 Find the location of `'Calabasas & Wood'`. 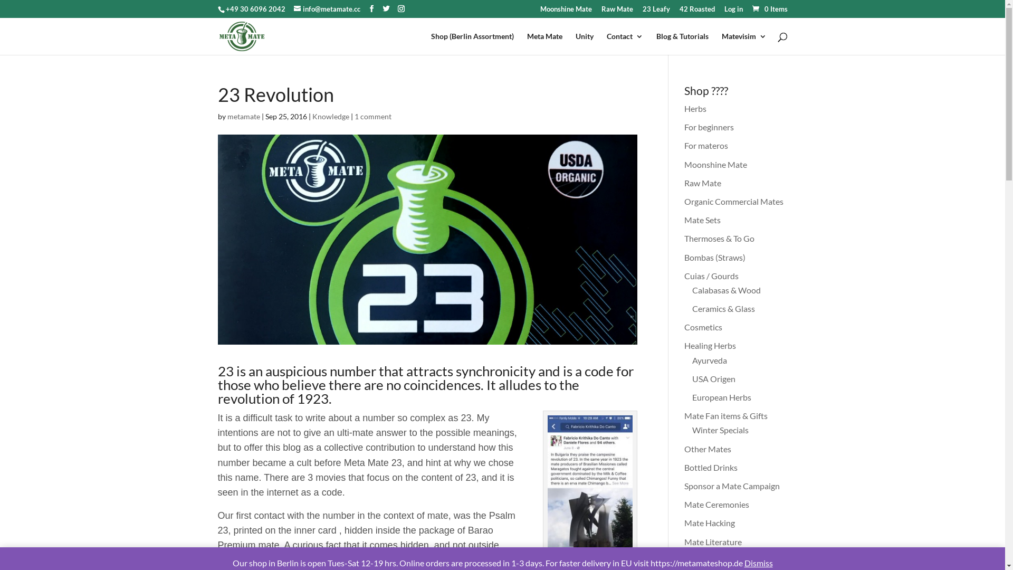

'Calabasas & Wood' is located at coordinates (726, 290).